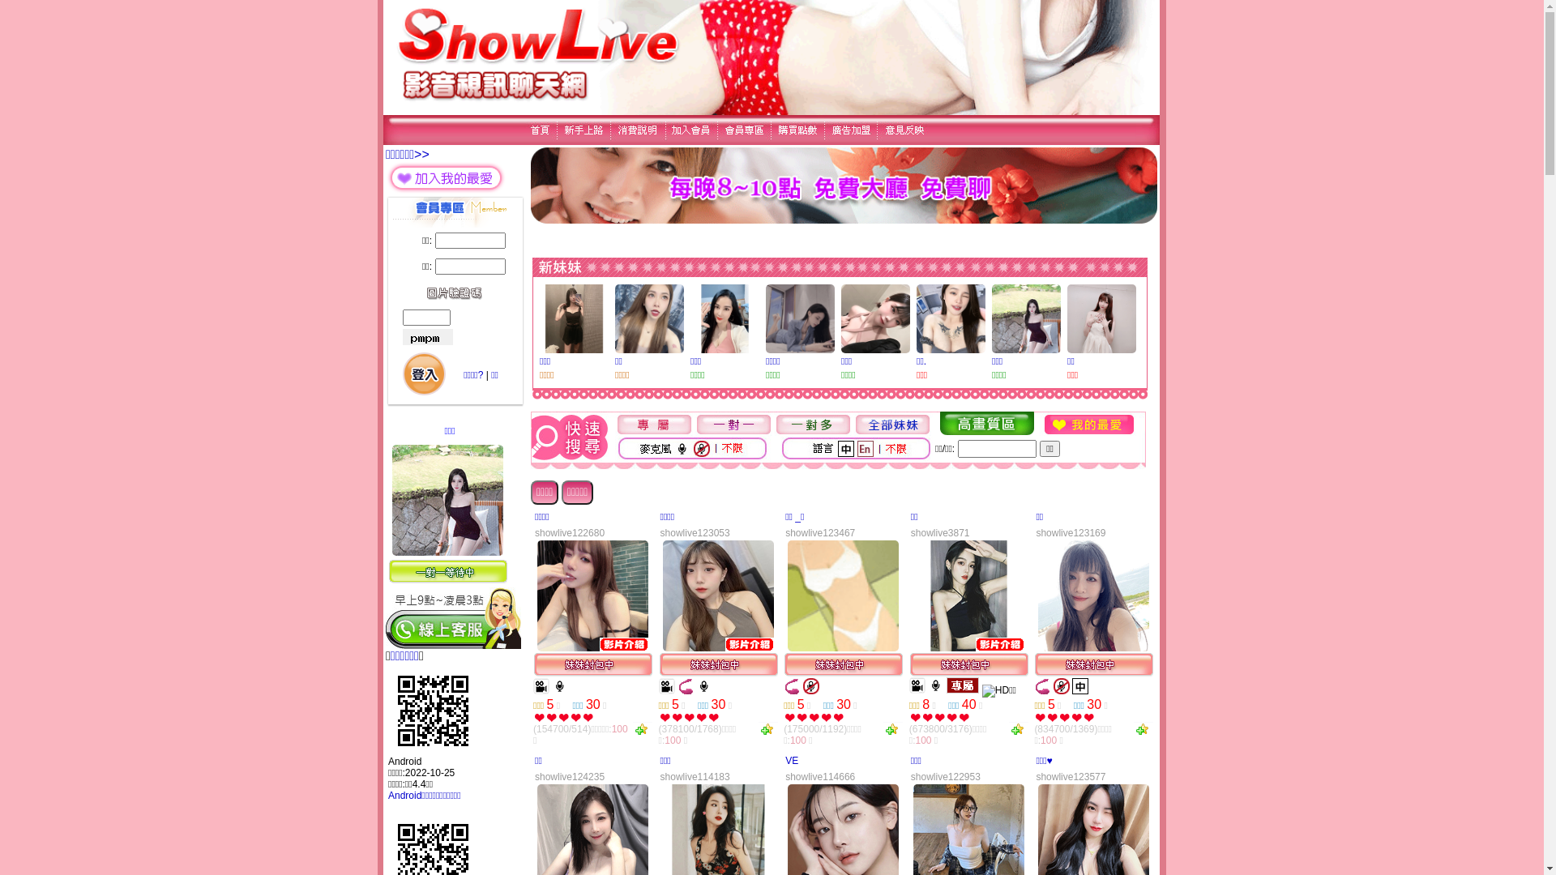 The width and height of the screenshot is (1556, 875). What do you see at coordinates (792, 760) in the screenshot?
I see `'VE'` at bounding box center [792, 760].